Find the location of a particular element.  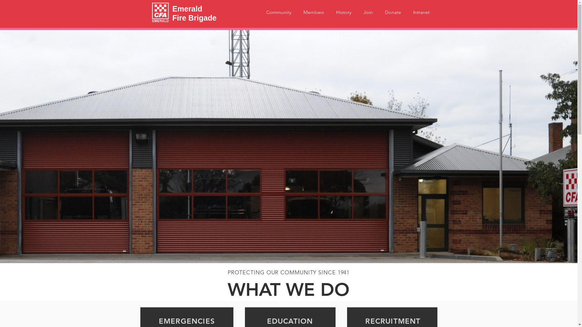

'Join' is located at coordinates (357, 12).